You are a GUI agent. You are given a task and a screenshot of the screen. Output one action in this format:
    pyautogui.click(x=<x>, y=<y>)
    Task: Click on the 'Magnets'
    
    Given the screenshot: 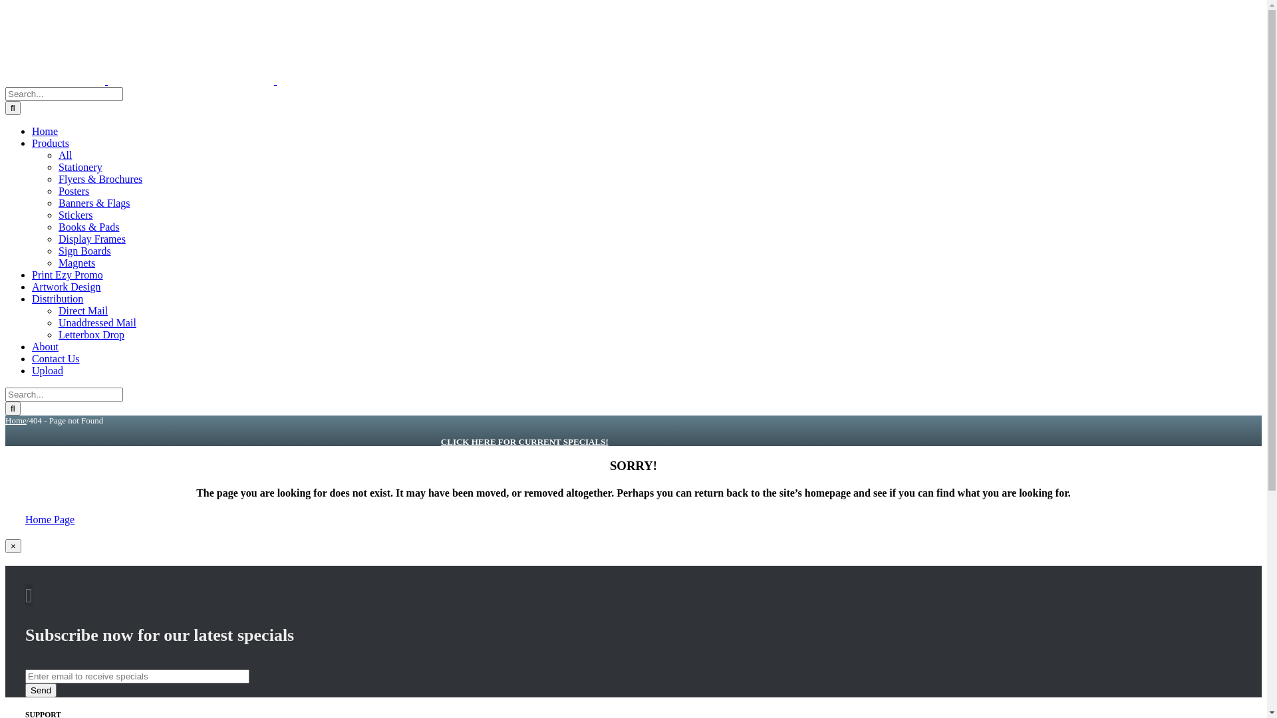 What is the action you would take?
    pyautogui.click(x=76, y=263)
    